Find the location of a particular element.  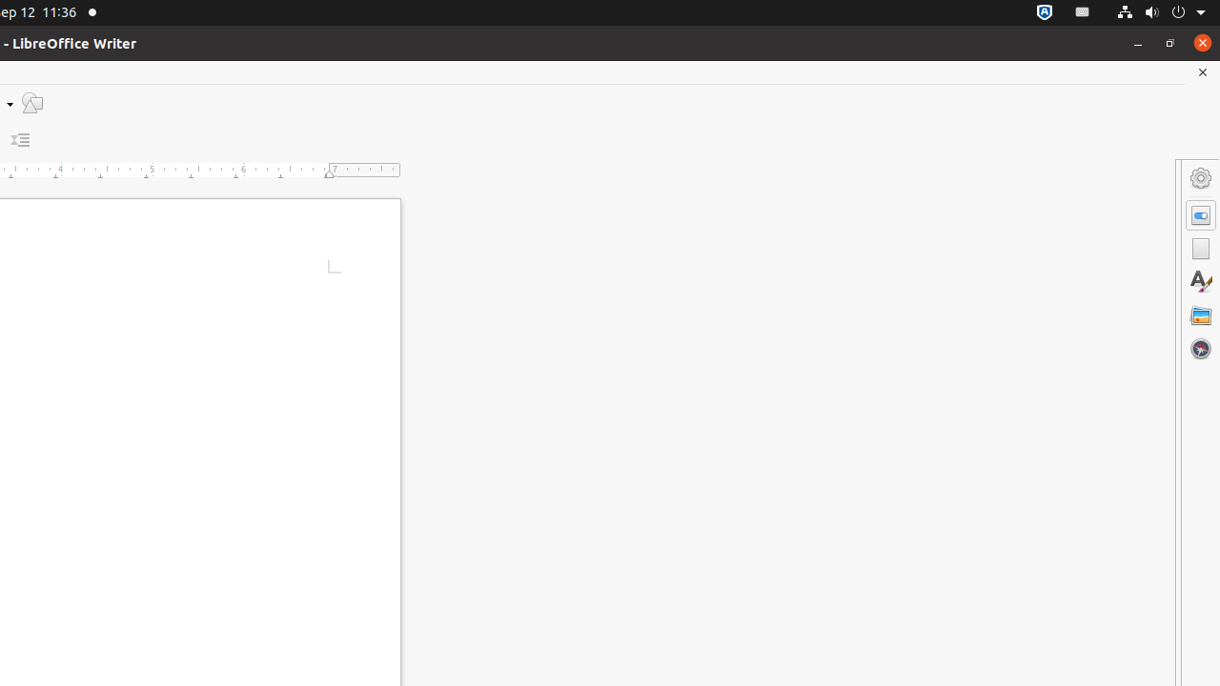

'Decrease' is located at coordinates (20, 139).